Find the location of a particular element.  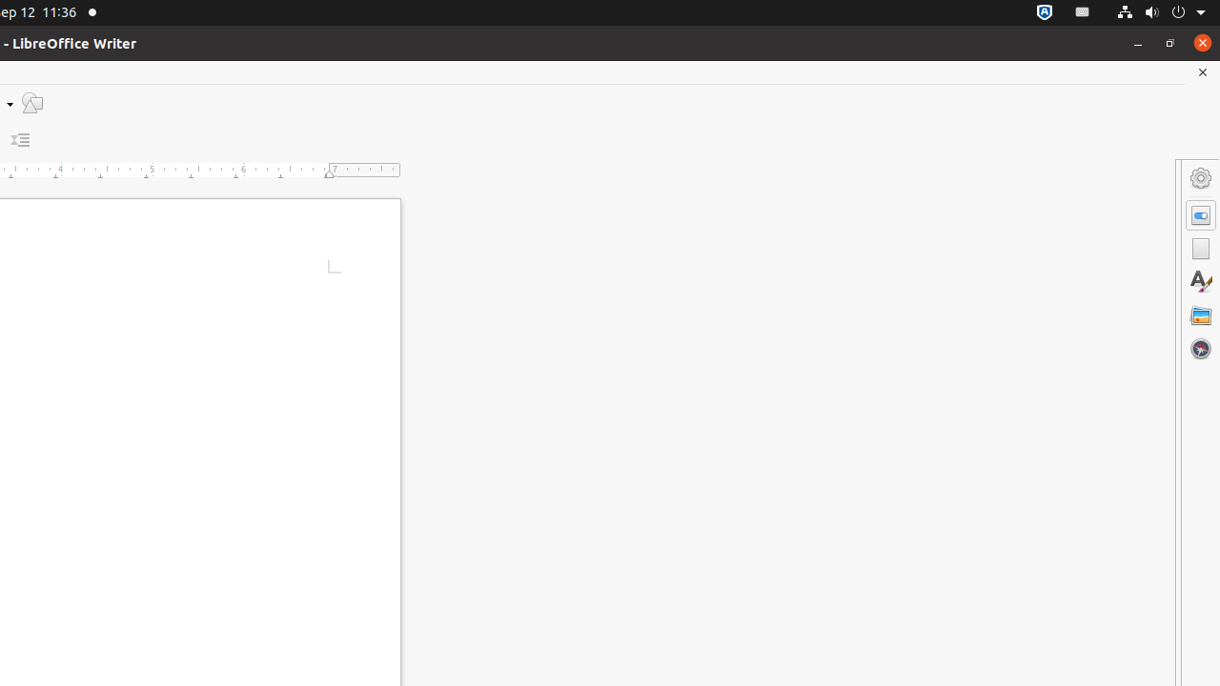

'Decrease' is located at coordinates (20, 139).